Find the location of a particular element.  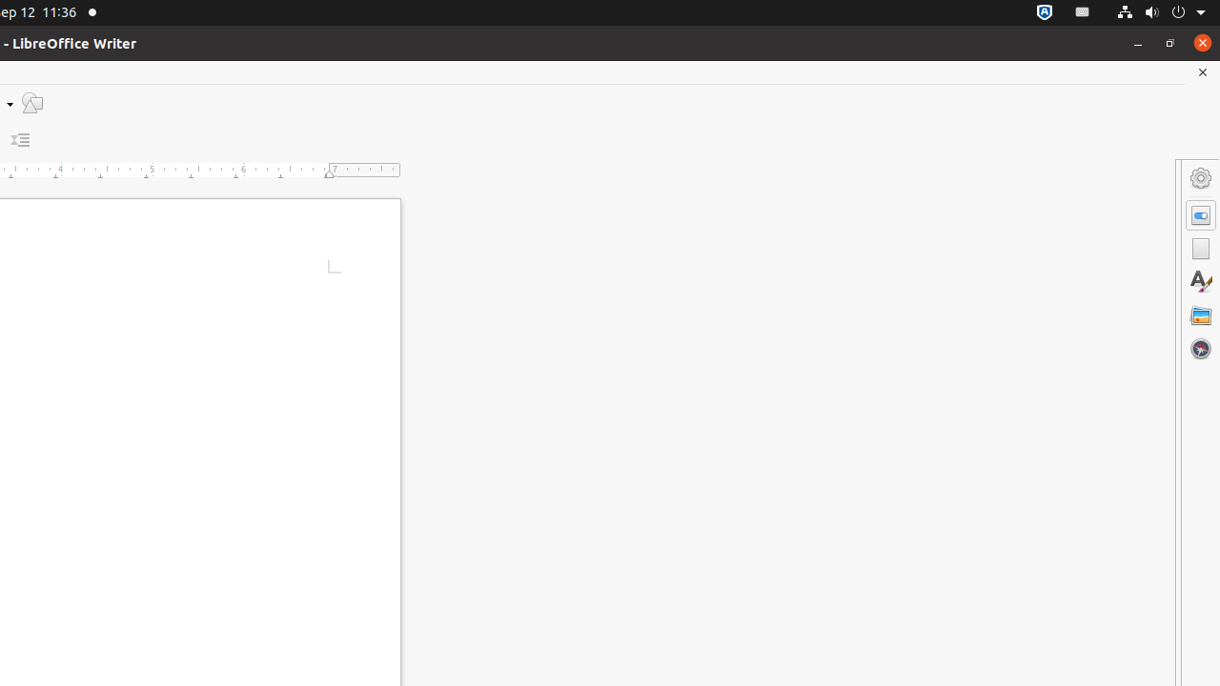

'Decrease' is located at coordinates (20, 139).